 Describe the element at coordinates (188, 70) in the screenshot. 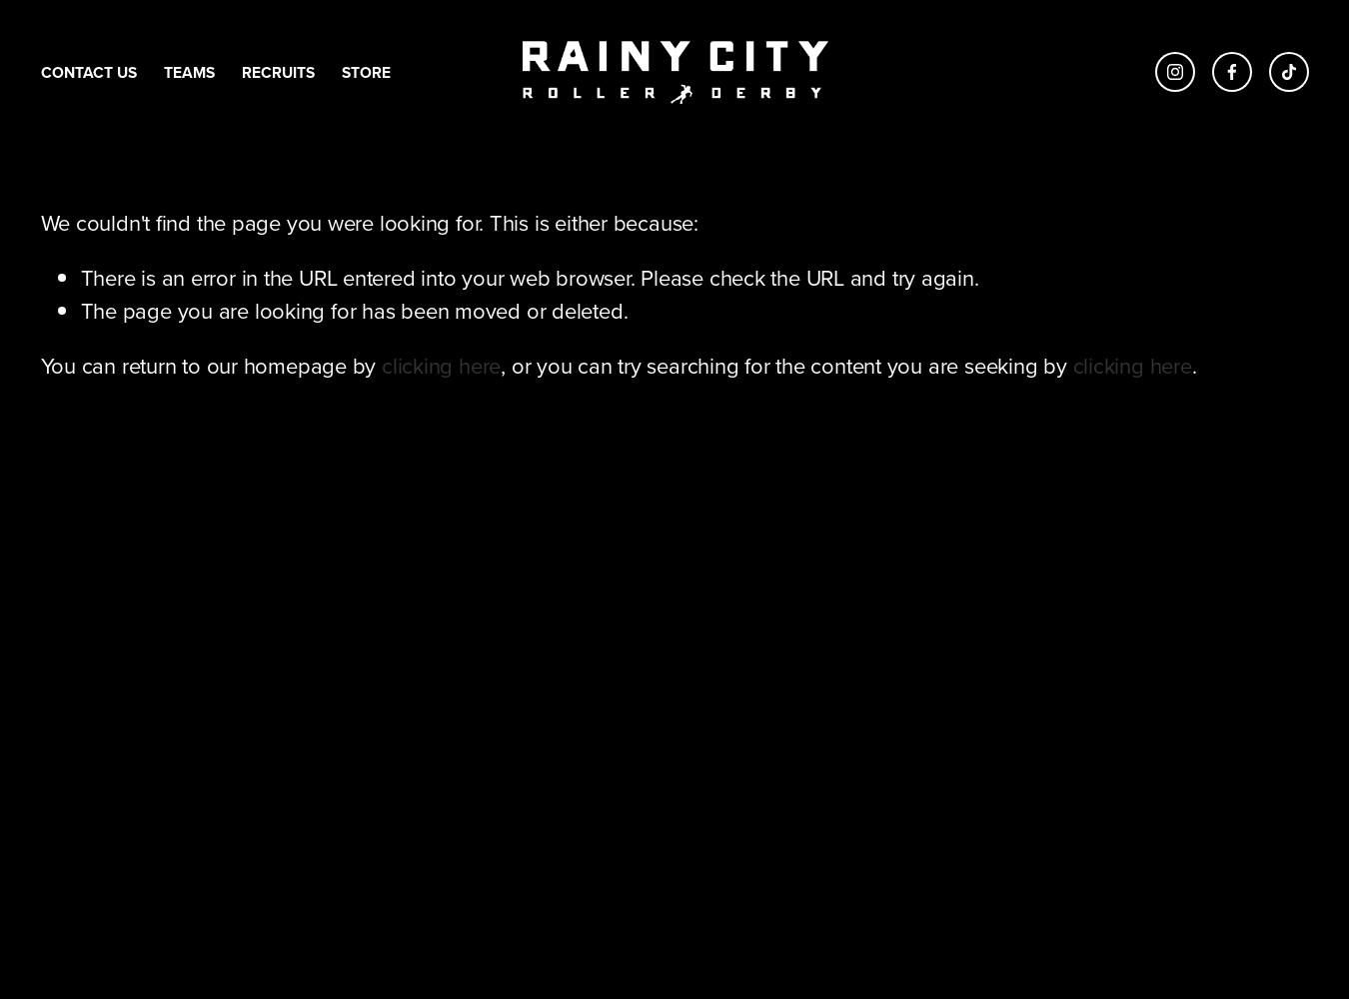

I see `'TEAMS'` at that location.